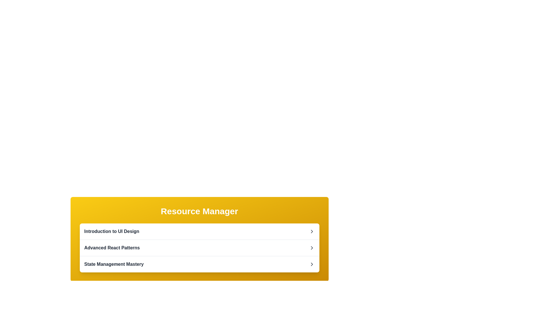 This screenshot has width=553, height=311. I want to click on the 'State Management Mastery' navigation link, which is the third item, so click(199, 264).